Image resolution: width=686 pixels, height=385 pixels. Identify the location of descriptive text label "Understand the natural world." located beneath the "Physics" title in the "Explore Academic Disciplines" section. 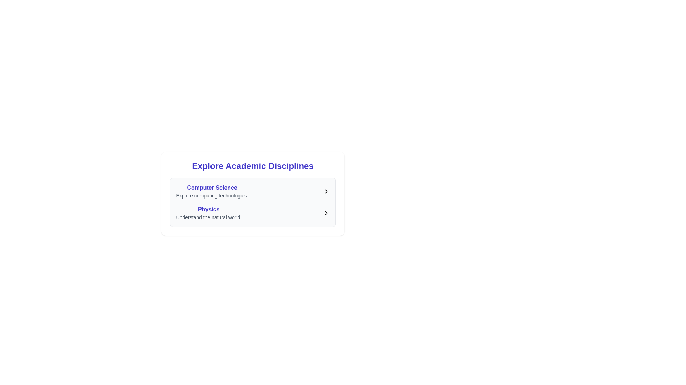
(208, 217).